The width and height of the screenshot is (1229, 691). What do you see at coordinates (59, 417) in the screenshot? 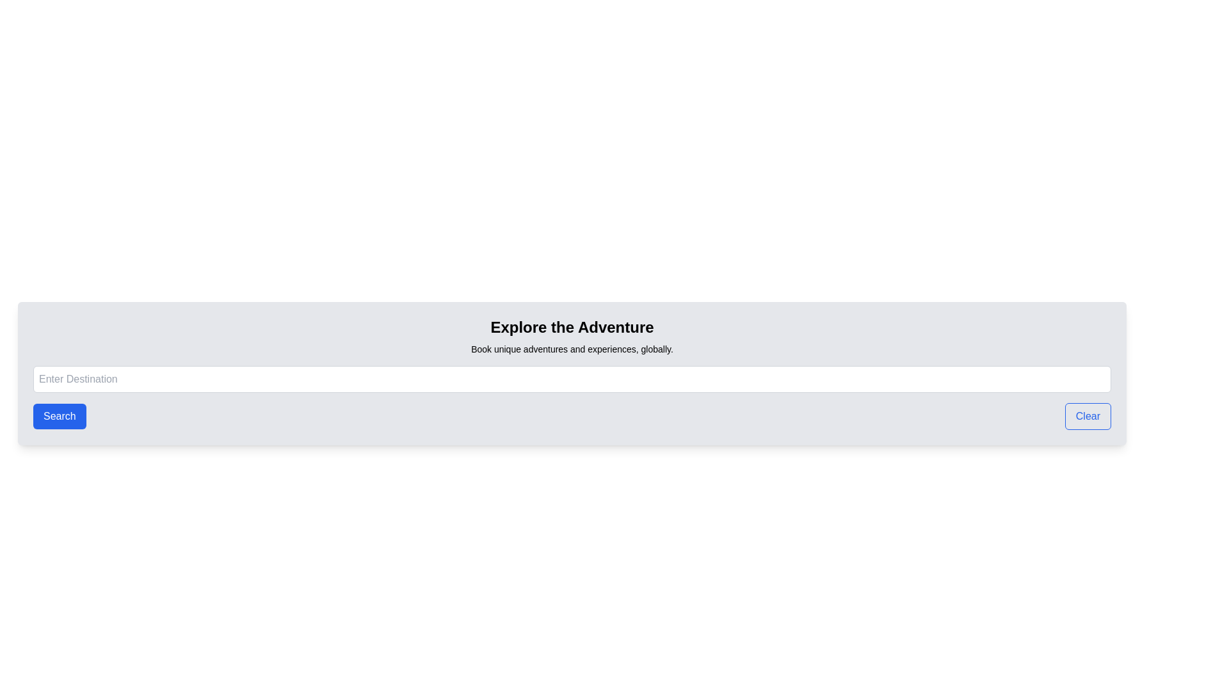
I see `the 'Search' button, which is a rectangular button with rounded corners and displays the text 'Search' in white against a blue background` at bounding box center [59, 417].